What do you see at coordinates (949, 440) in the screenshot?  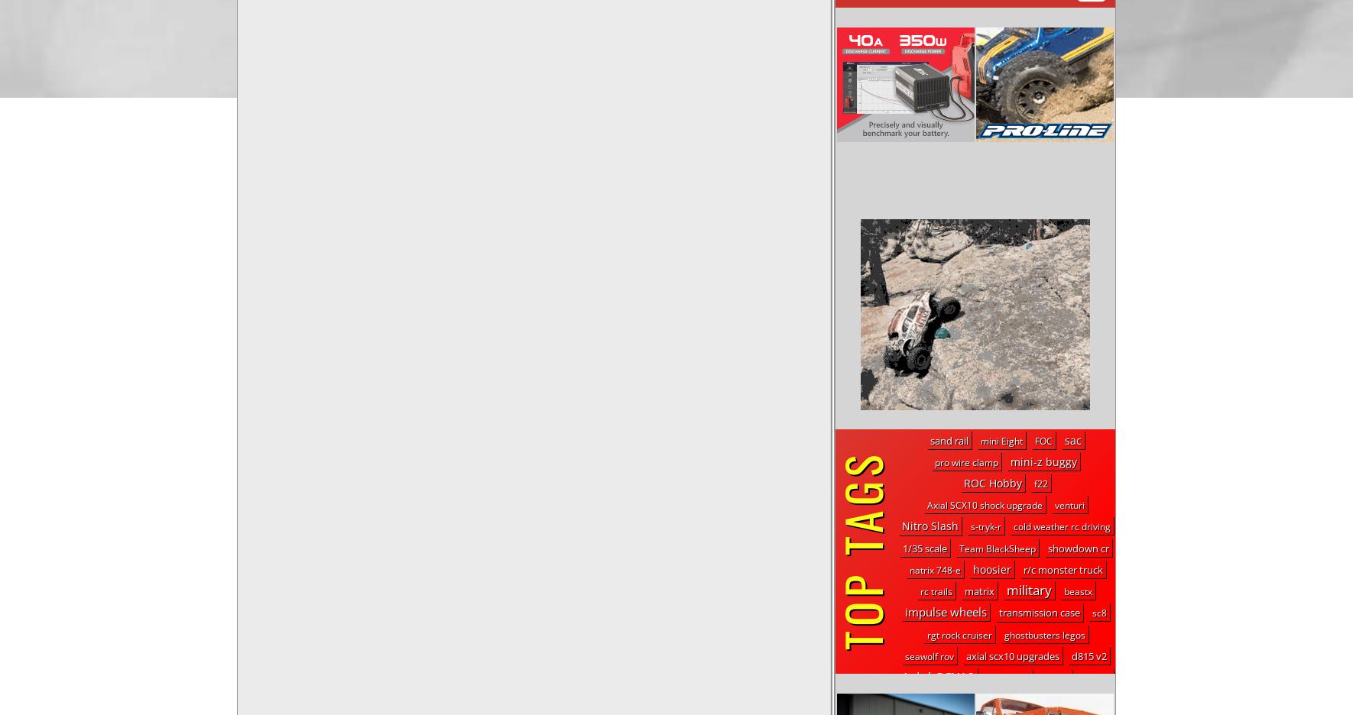 I see `'sand rail'` at bounding box center [949, 440].